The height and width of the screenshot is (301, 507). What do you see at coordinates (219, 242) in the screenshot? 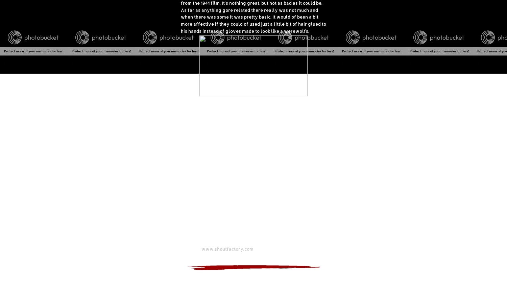
I see `'Release Company: Scream Factory'` at bounding box center [219, 242].